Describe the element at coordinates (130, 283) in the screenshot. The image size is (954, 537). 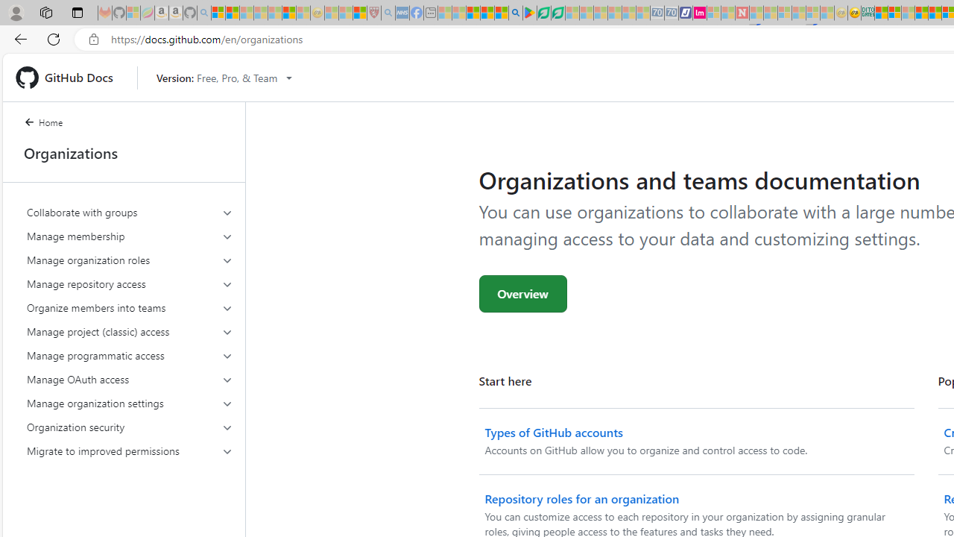
I see `'Manage repository access'` at that location.